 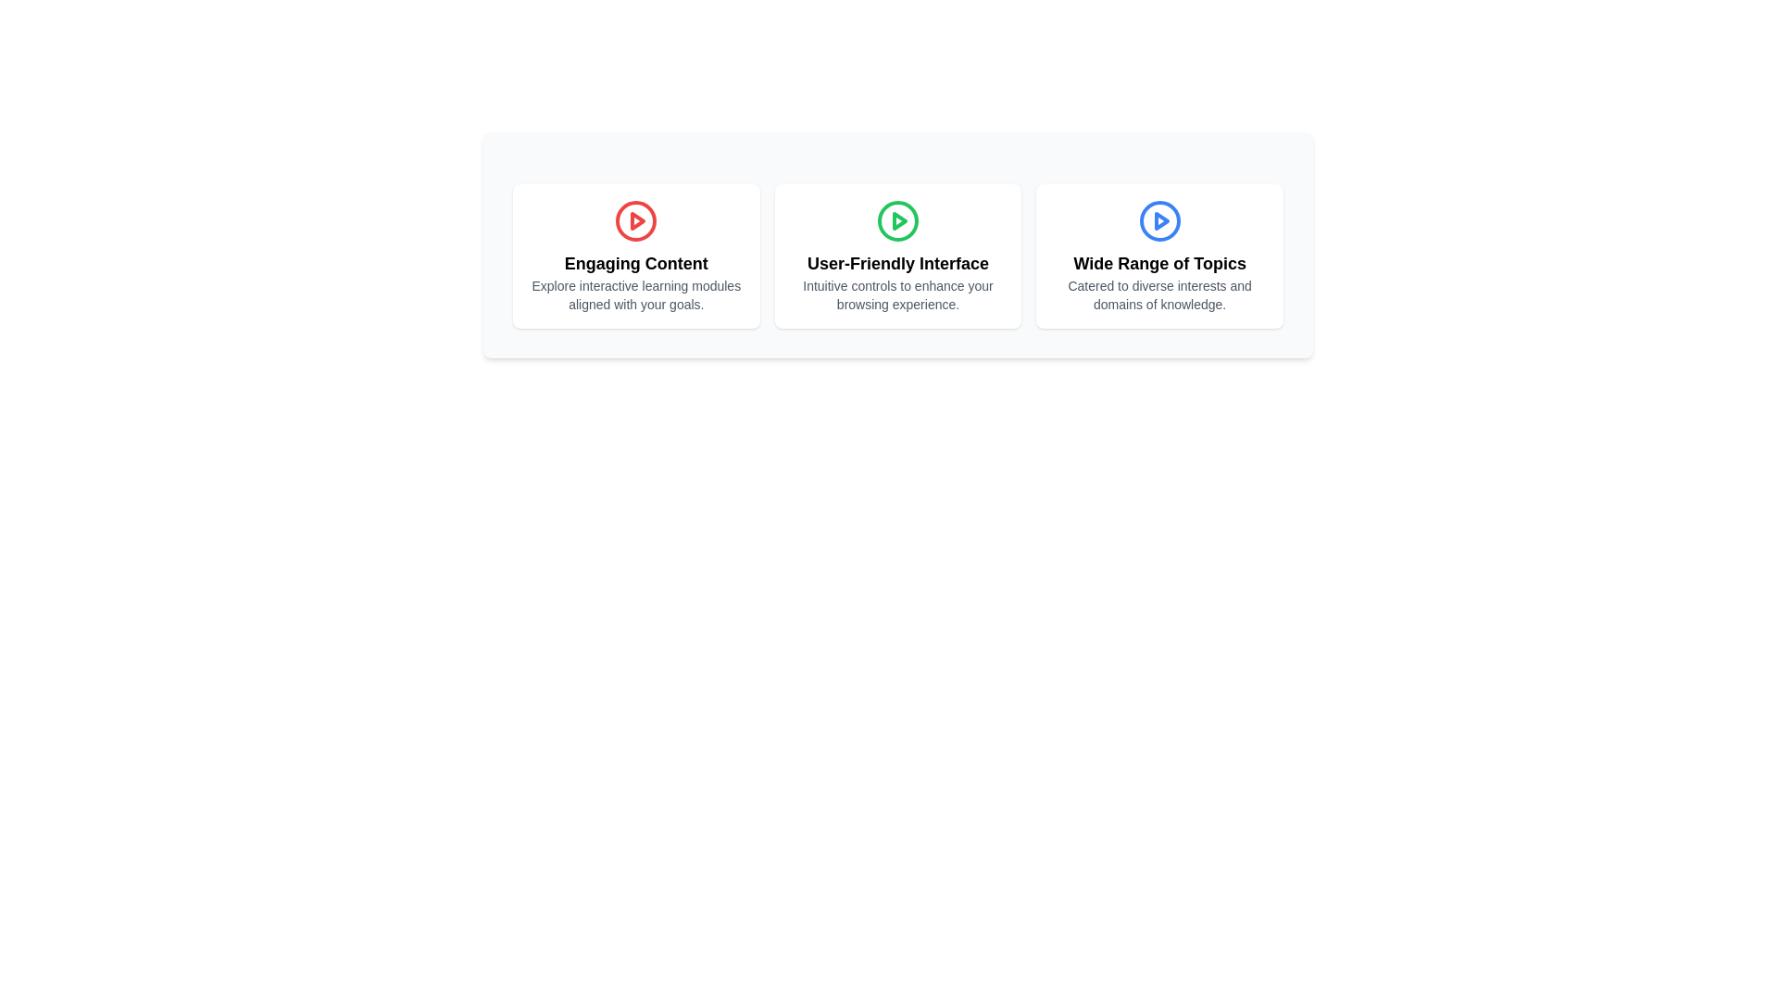 I want to click on the text label displaying 'User-Friendly Interface', which is a bold and large title positioned in the center of its containing card, so click(x=897, y=264).